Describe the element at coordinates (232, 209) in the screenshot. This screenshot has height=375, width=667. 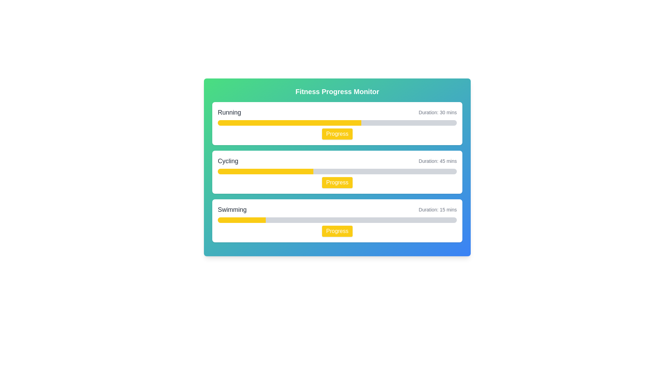
I see `text label displaying 'Swimming' which is located at the upper-left corner of the third activity block card` at that location.